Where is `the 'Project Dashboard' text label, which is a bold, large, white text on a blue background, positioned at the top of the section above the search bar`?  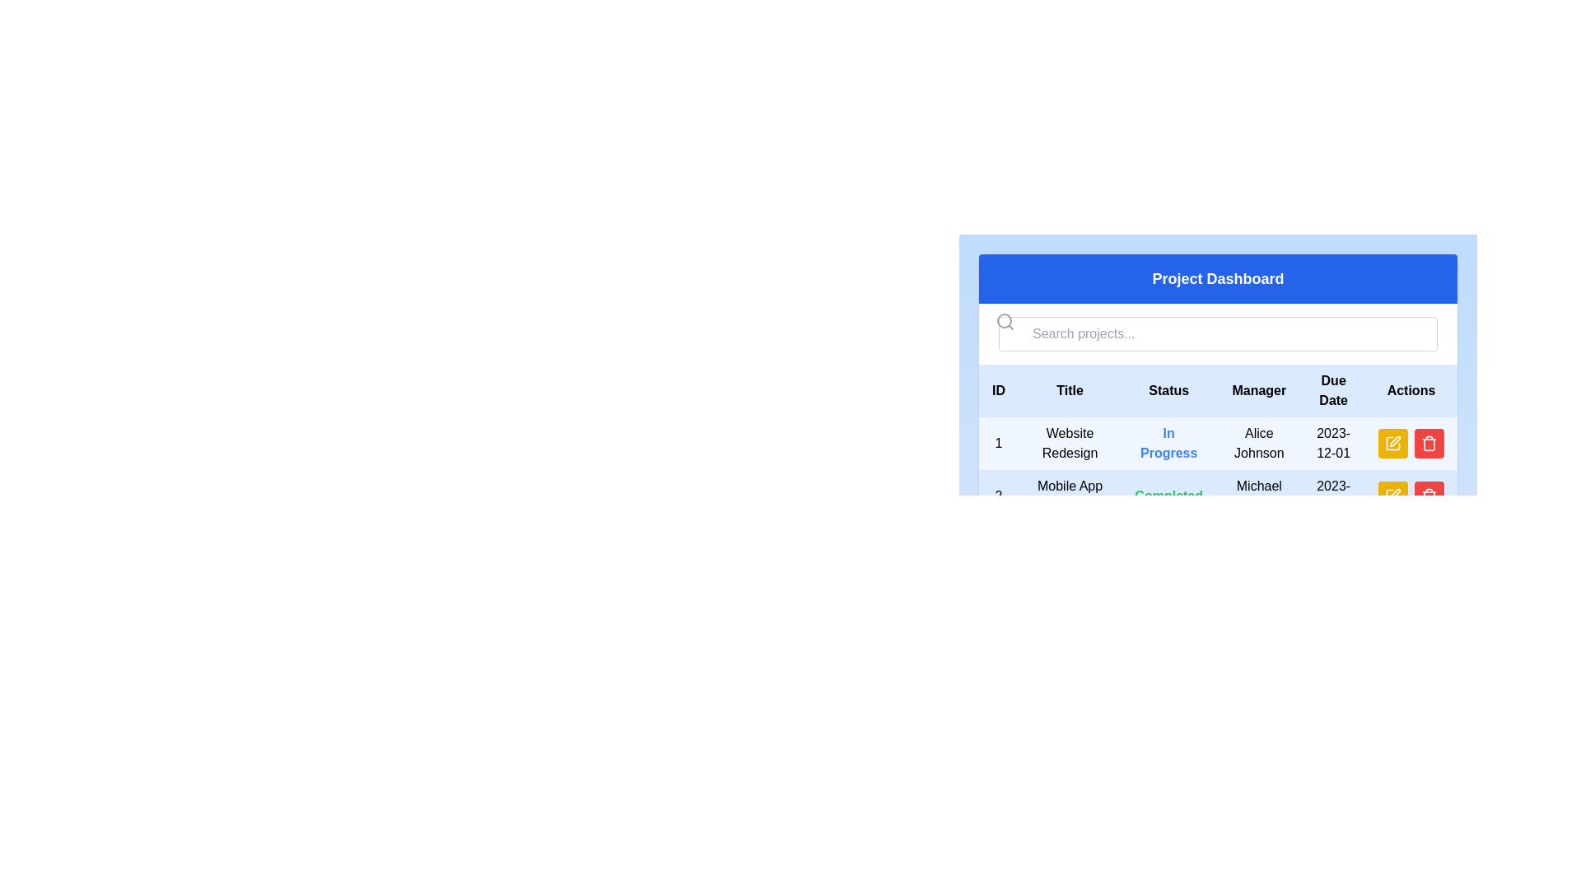
the 'Project Dashboard' text label, which is a bold, large, white text on a blue background, positioned at the top of the section above the search bar is located at coordinates (1218, 278).